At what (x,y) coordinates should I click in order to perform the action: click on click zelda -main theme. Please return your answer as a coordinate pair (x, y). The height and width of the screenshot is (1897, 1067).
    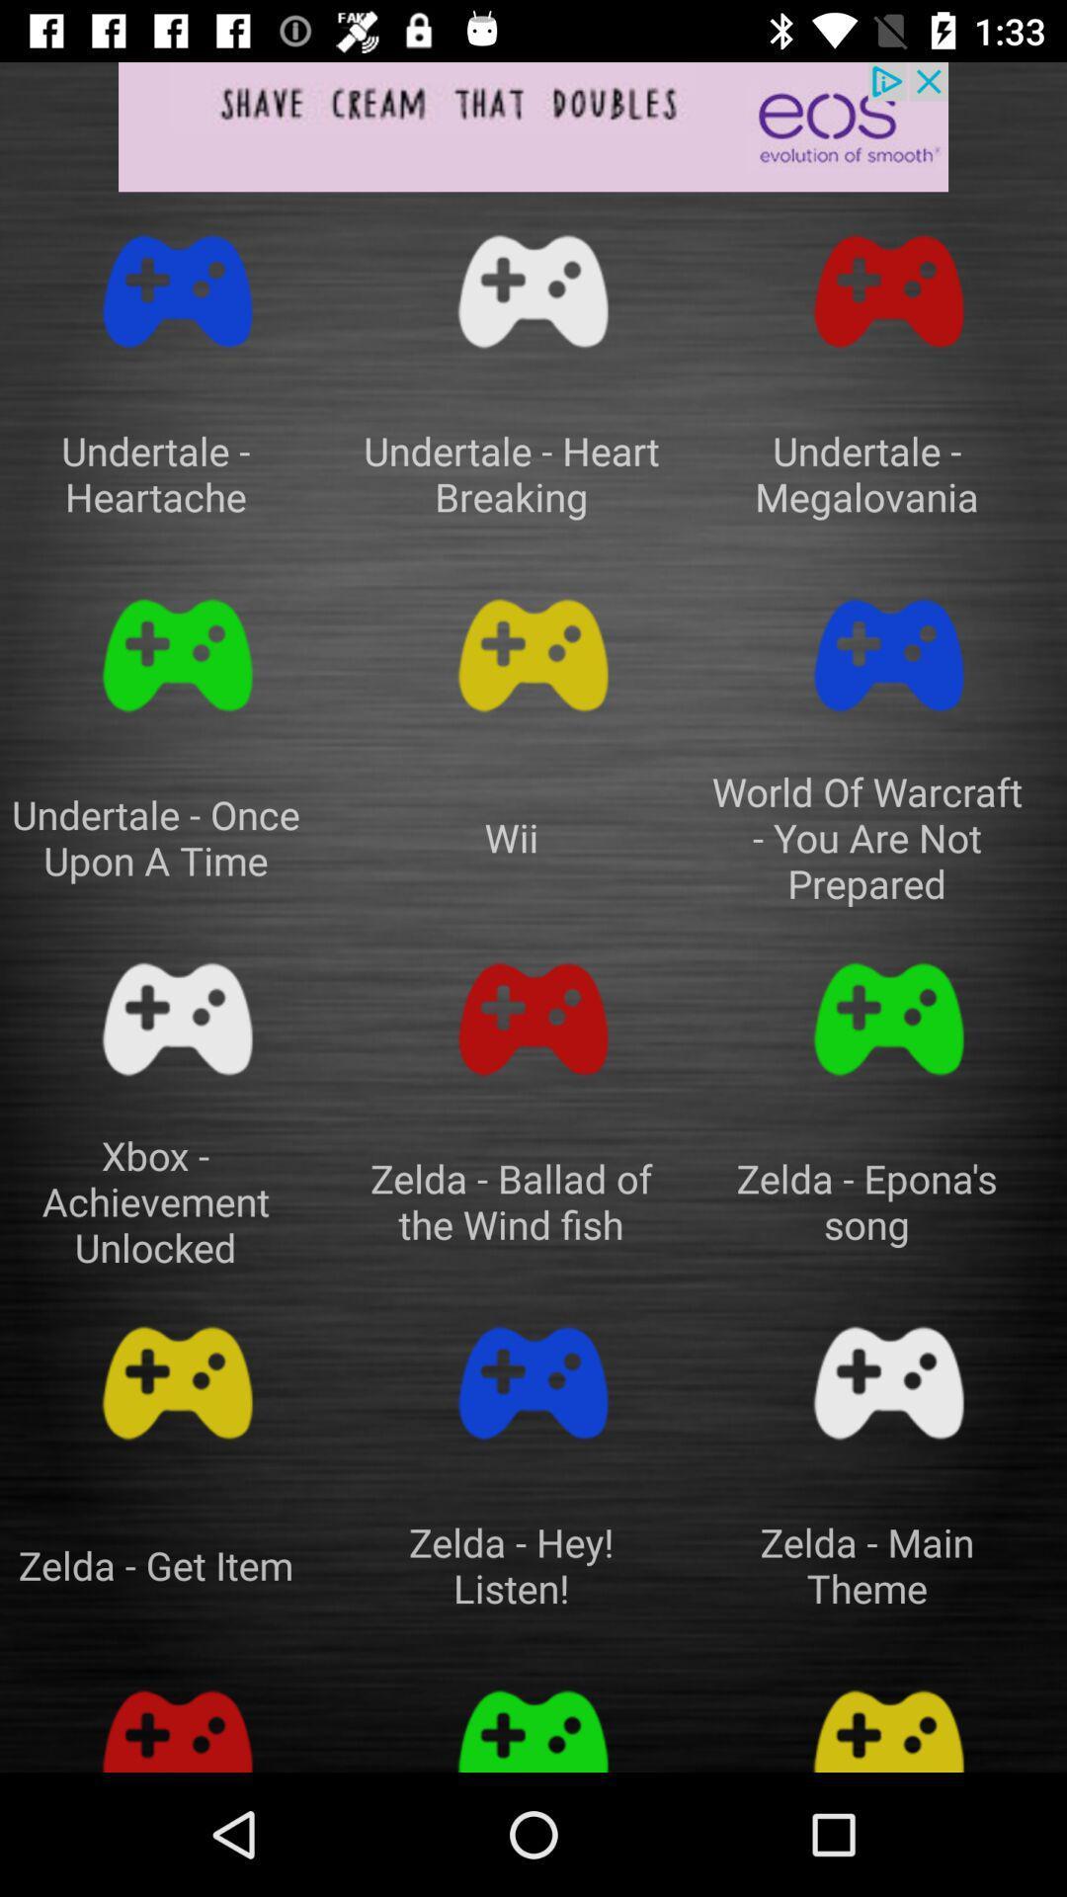
    Looking at the image, I should click on (887, 1382).